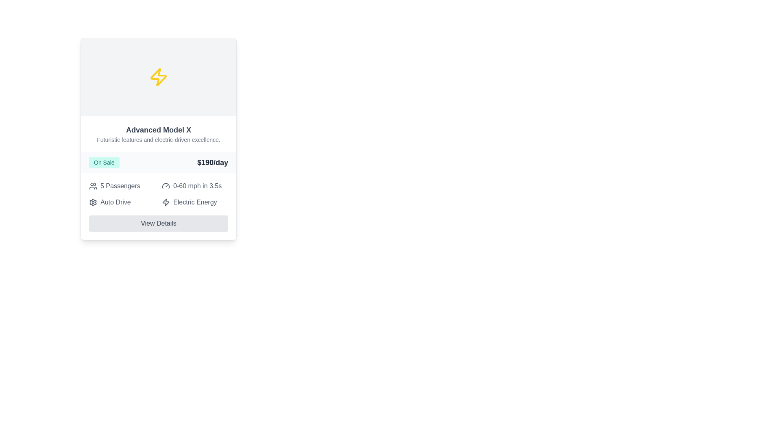 The width and height of the screenshot is (781, 439). I want to click on the Text with Icon element that indicates '5 Passengers', so click(122, 186).